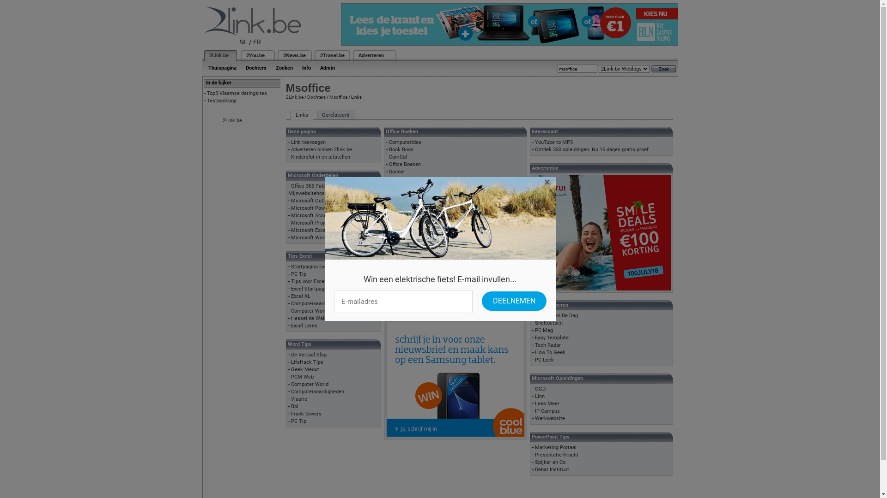 This screenshot has width=887, height=498. What do you see at coordinates (540, 389) in the screenshot?
I see `'OGD'` at bounding box center [540, 389].